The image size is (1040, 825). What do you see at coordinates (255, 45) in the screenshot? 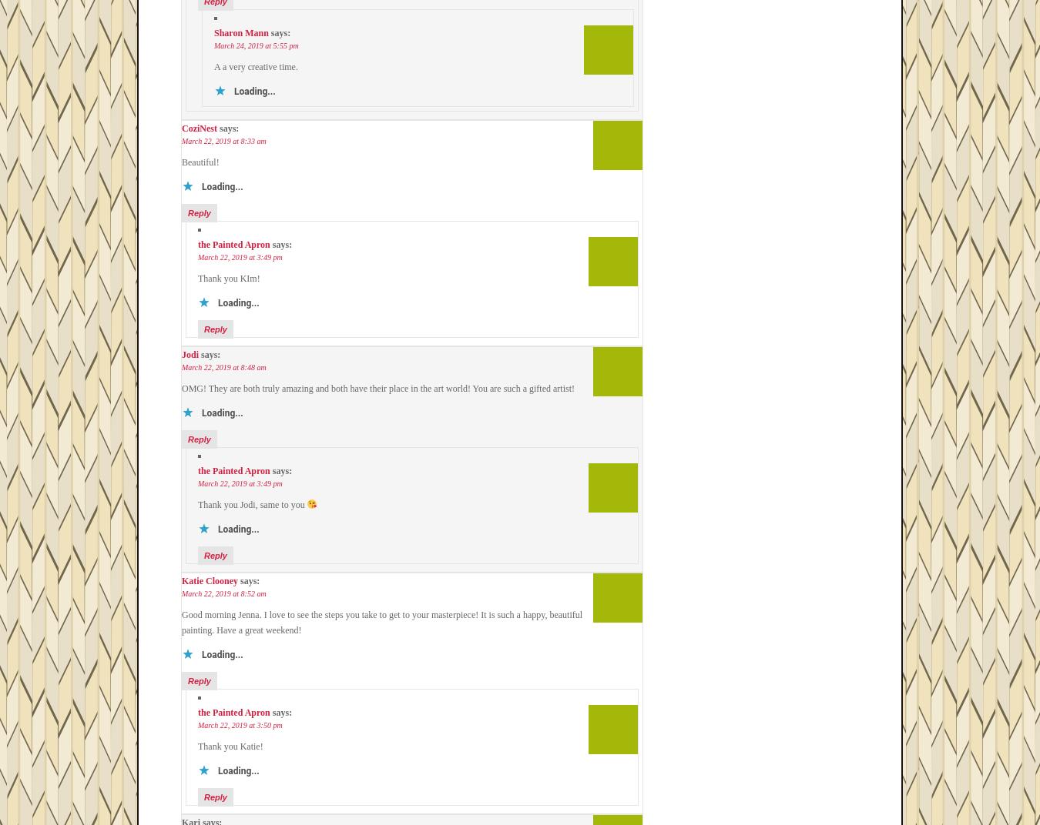
I see `'March 24, 2019 at 5:55 pm'` at bounding box center [255, 45].